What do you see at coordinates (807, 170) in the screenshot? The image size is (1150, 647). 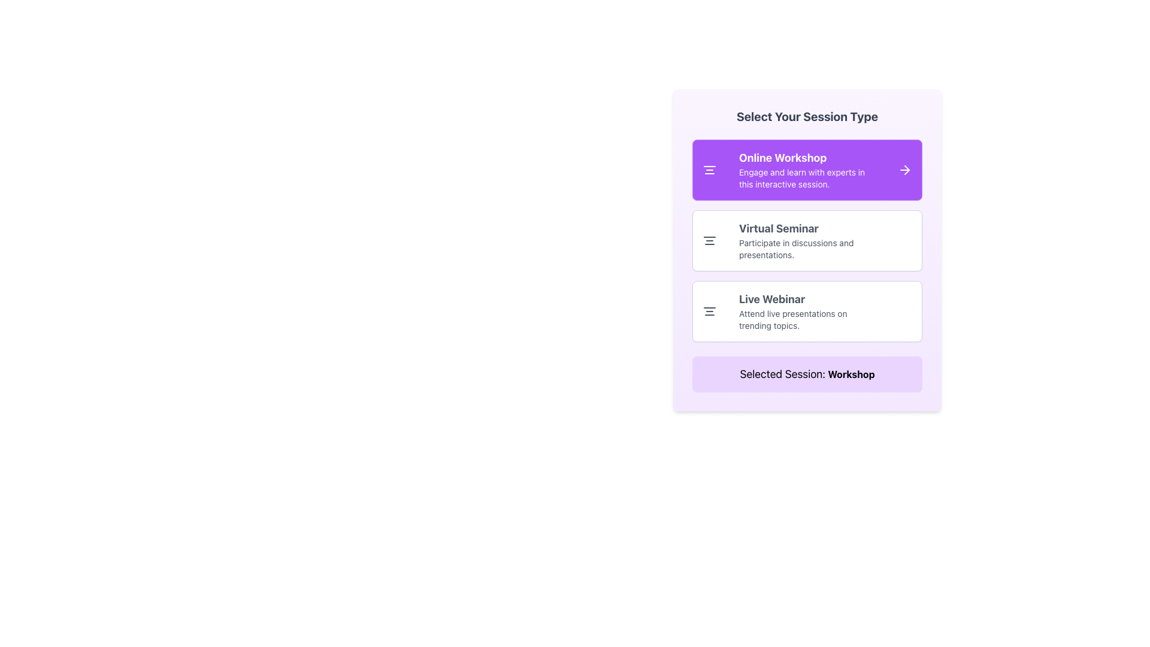 I see `the first button in the vertical list of session type selectors` at bounding box center [807, 170].